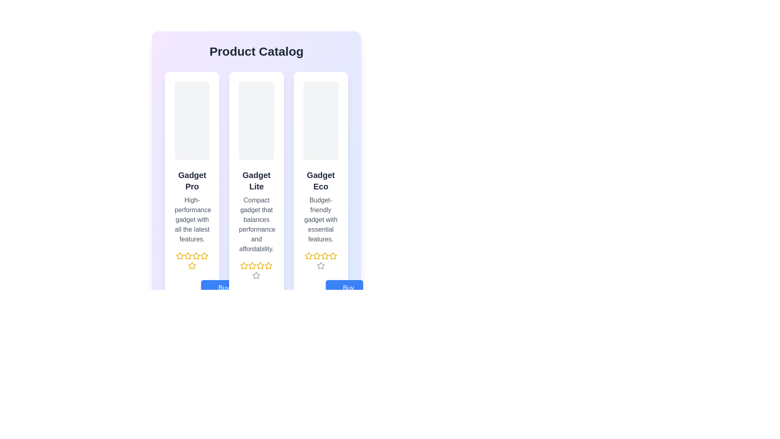 The width and height of the screenshot is (780, 439). I want to click on text label displaying 'Gadget Eco', which is in a bold, large font styled in dark gray on a white background, positioned in the middle column of a three-column layout, so click(320, 180).